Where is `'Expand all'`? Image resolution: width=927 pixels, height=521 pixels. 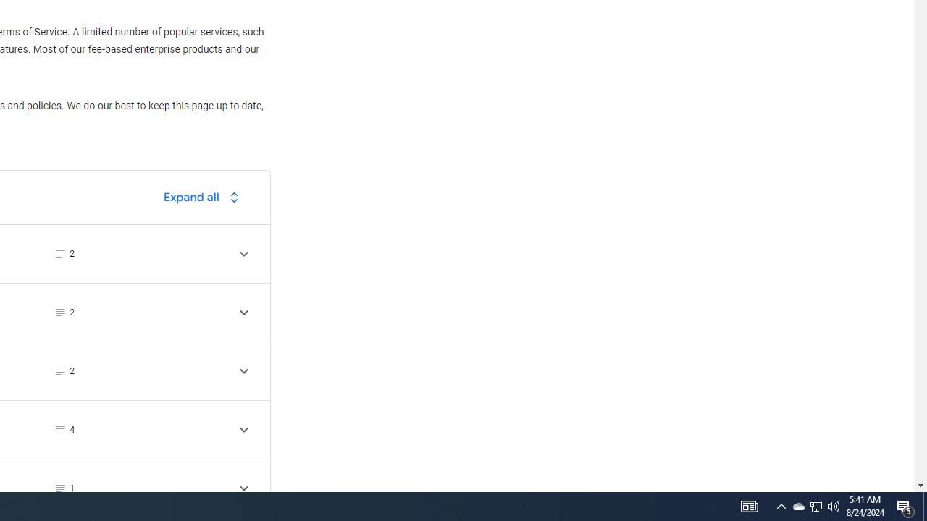 'Expand all' is located at coordinates (204, 197).